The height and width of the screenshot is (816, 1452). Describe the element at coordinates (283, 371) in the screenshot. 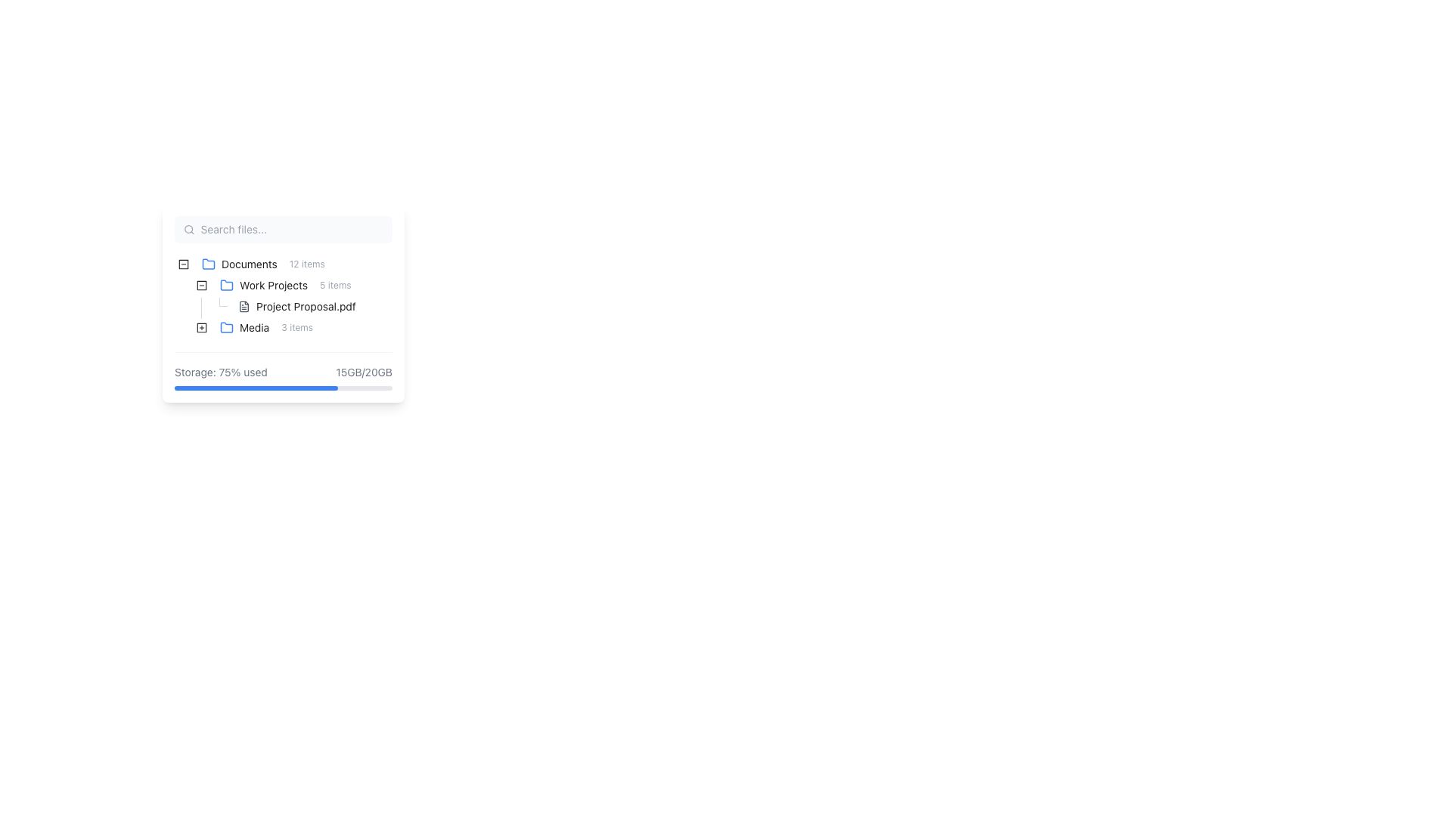

I see `the storage information displayed on the progress bar located at the bottom of the file browser interface` at that location.